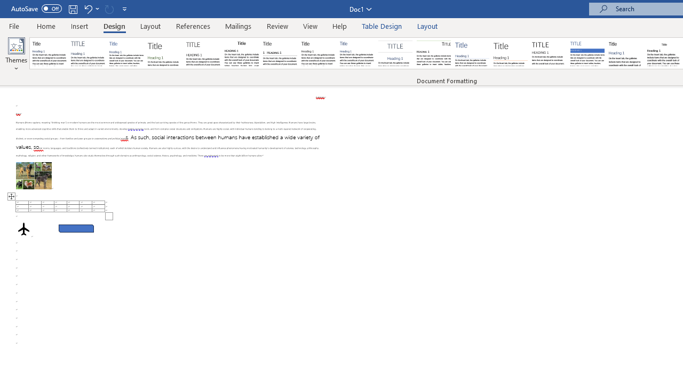  What do you see at coordinates (164, 53) in the screenshot?
I see `'Basic (Stylish)'` at bounding box center [164, 53].